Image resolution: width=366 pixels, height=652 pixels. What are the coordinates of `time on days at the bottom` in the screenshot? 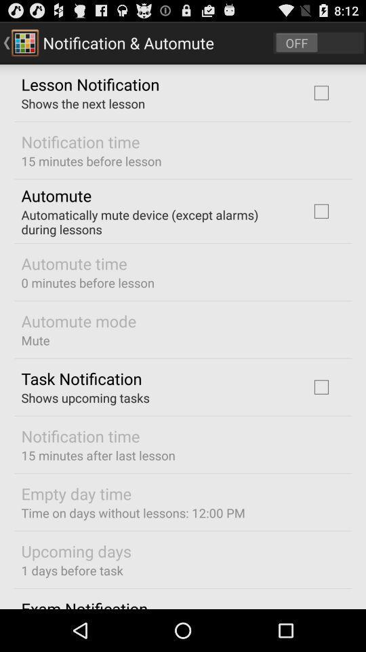 It's located at (133, 512).